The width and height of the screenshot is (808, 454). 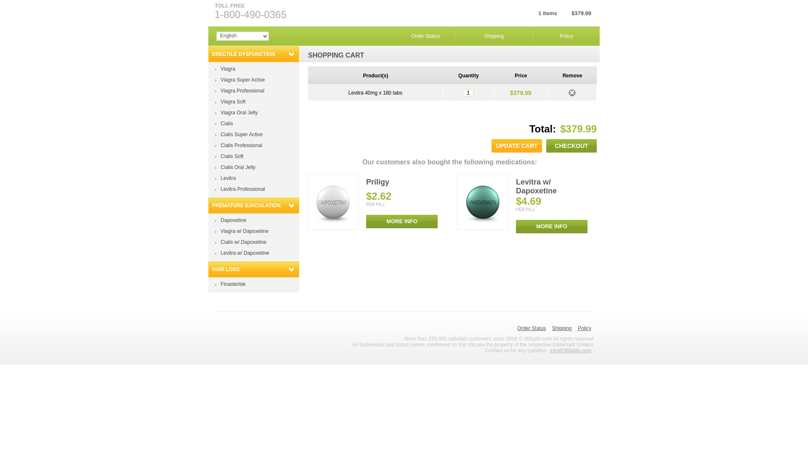 What do you see at coordinates (220, 134) in the screenshot?
I see `'Cialis Super Active'` at bounding box center [220, 134].